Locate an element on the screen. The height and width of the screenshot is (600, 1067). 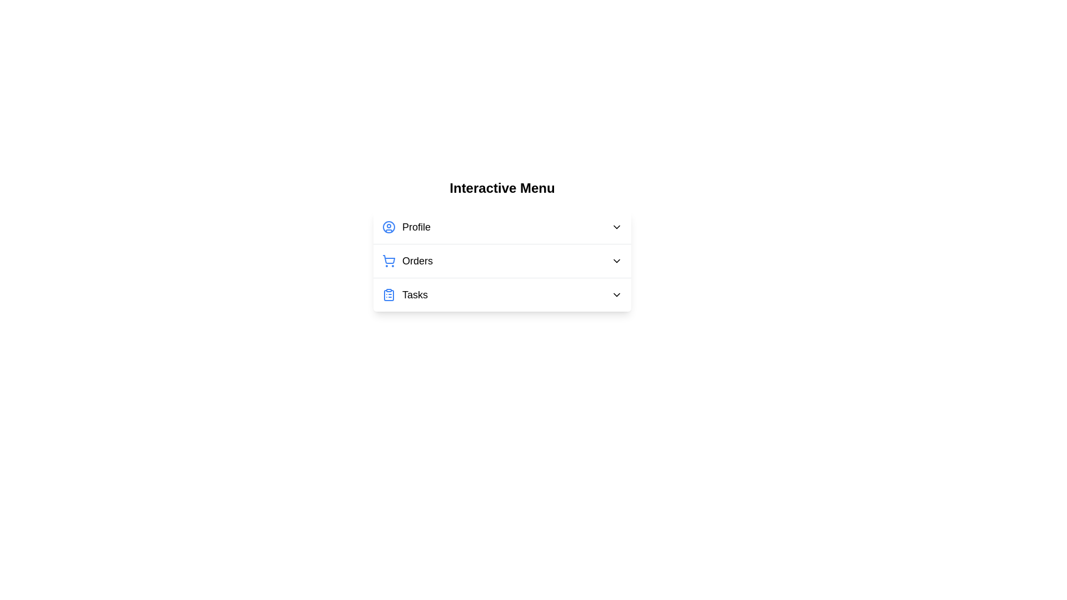
the 'Tasks' menu item, which consists of a blue clipboard icon and black text, located in the third row of the vertical menu list is located at coordinates (405, 294).